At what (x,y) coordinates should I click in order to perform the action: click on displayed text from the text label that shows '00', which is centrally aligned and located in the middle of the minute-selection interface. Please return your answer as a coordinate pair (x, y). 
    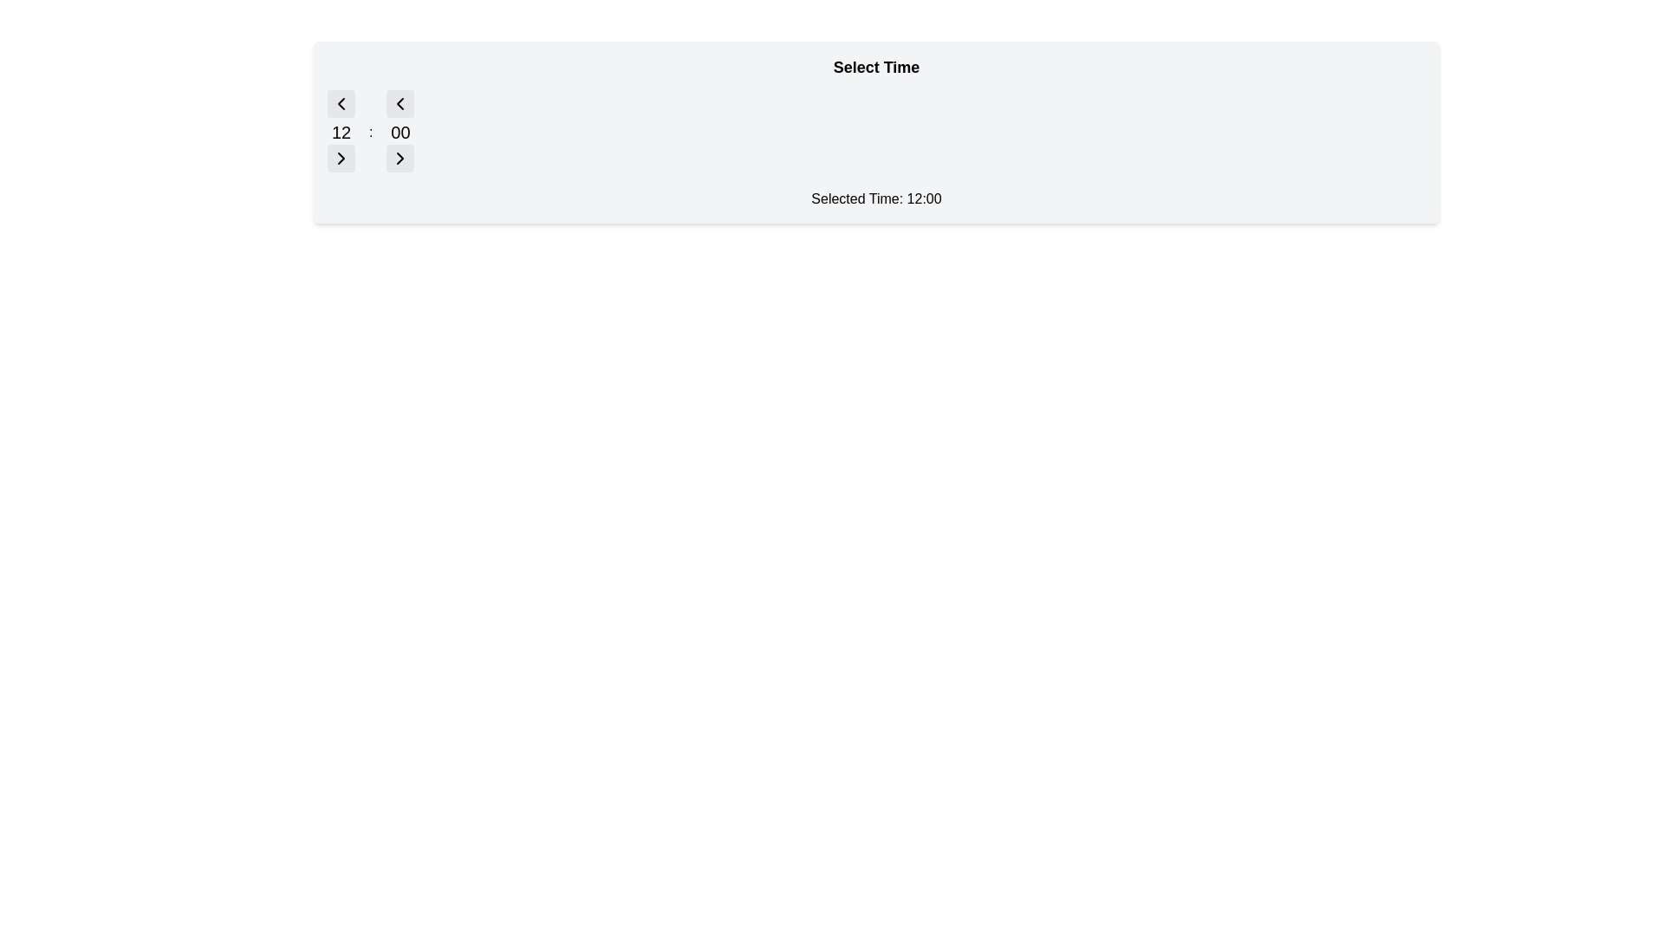
    Looking at the image, I should click on (400, 132).